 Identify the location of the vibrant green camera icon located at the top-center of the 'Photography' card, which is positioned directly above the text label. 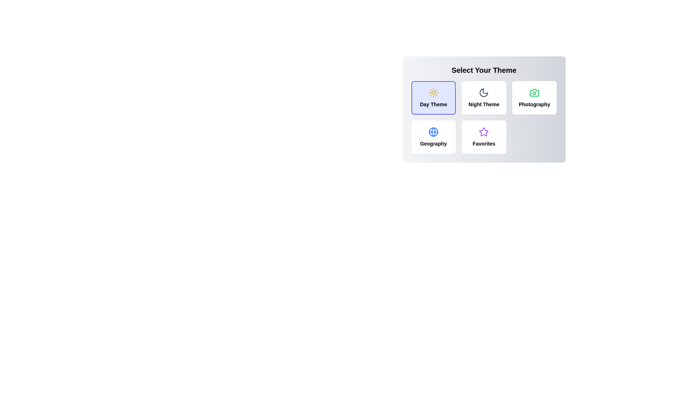
(534, 92).